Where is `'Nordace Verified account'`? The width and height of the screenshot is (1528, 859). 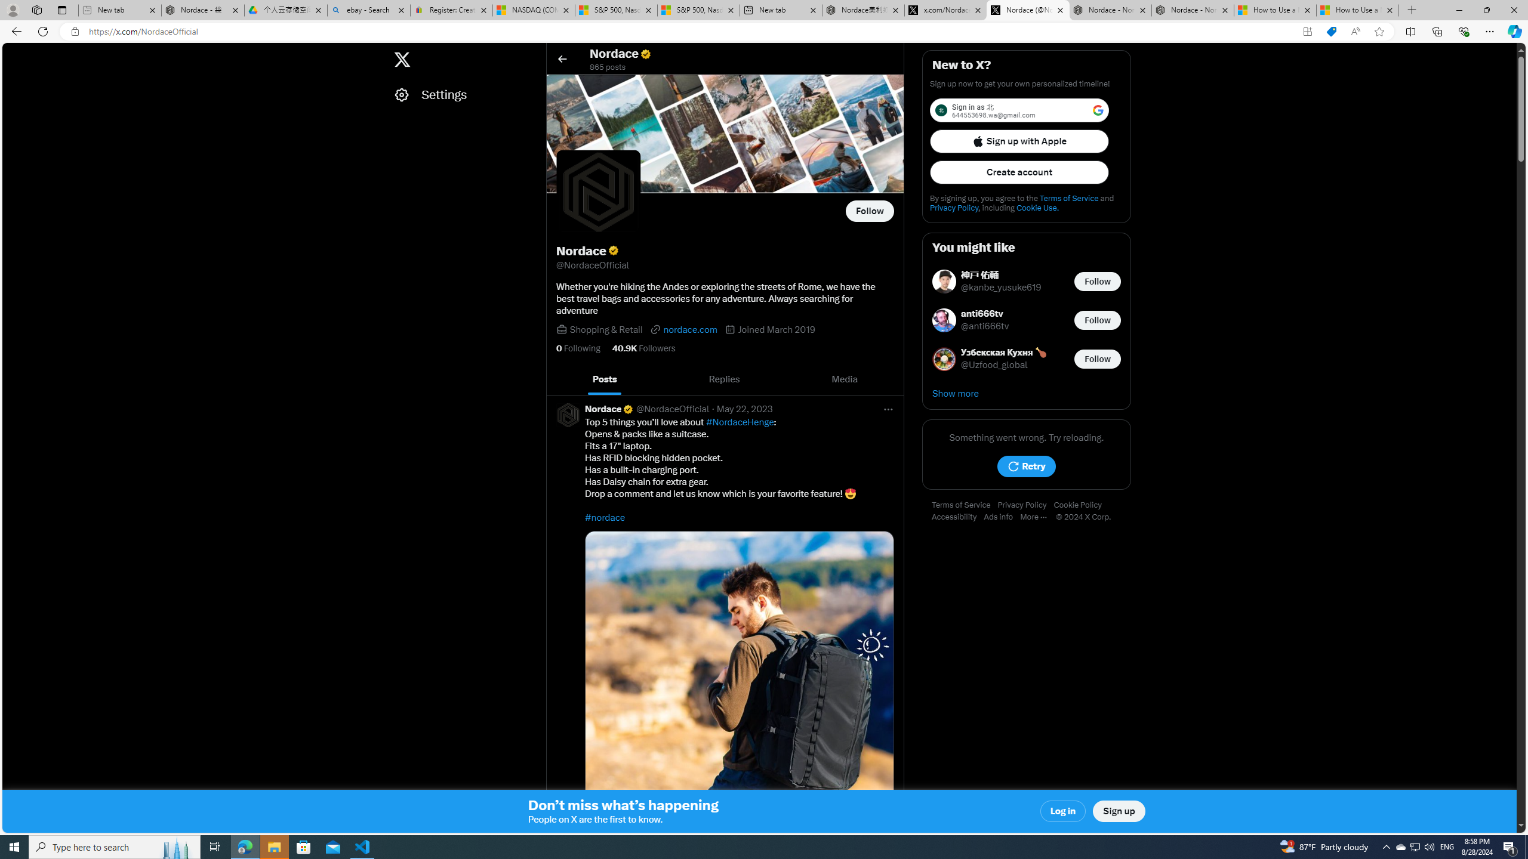
'Nordace Verified account' is located at coordinates (609, 409).